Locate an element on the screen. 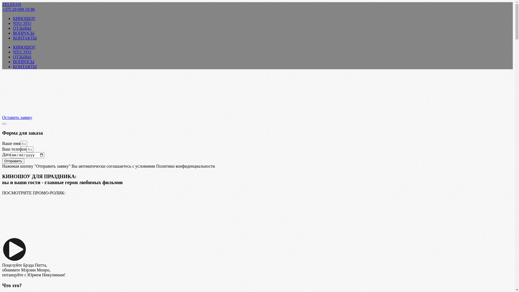 Image resolution: width=519 pixels, height=292 pixels. 'ZELEFAN' is located at coordinates (12, 4).